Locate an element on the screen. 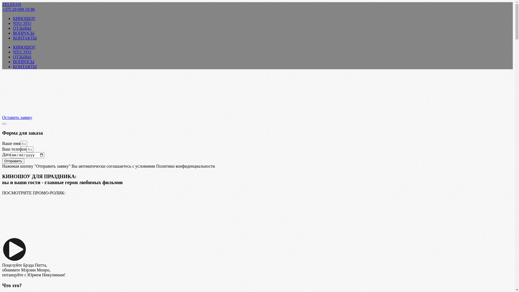 Image resolution: width=519 pixels, height=292 pixels. 'ZELEFAN' is located at coordinates (12, 4).